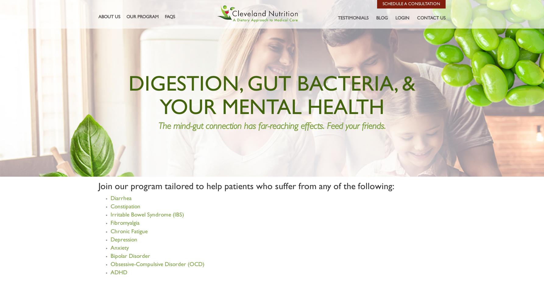 Image resolution: width=544 pixels, height=291 pixels. I want to click on 'About Us', so click(98, 17).